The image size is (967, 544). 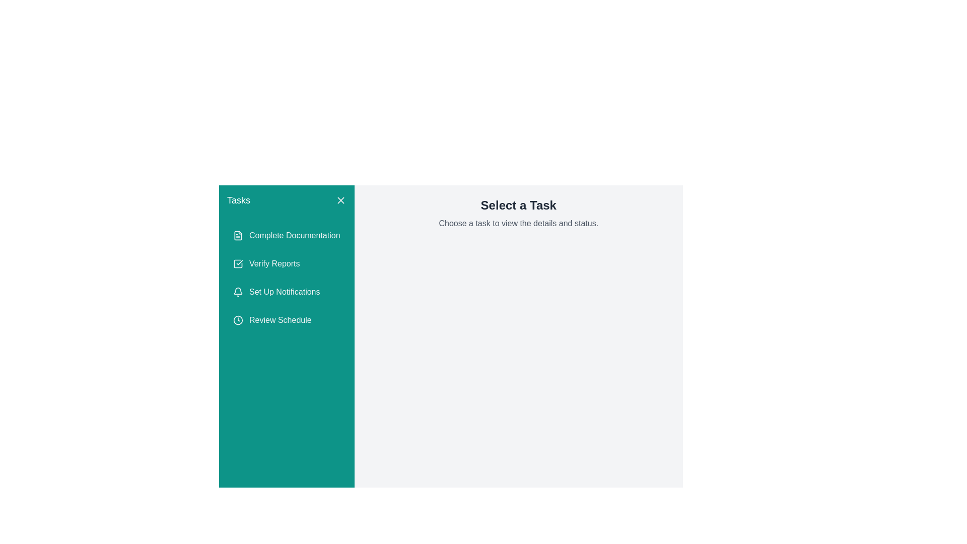 I want to click on the text label displaying 'Complete Documentation', which is styled with a regular font and positioned next to a document icon, so click(x=294, y=235).